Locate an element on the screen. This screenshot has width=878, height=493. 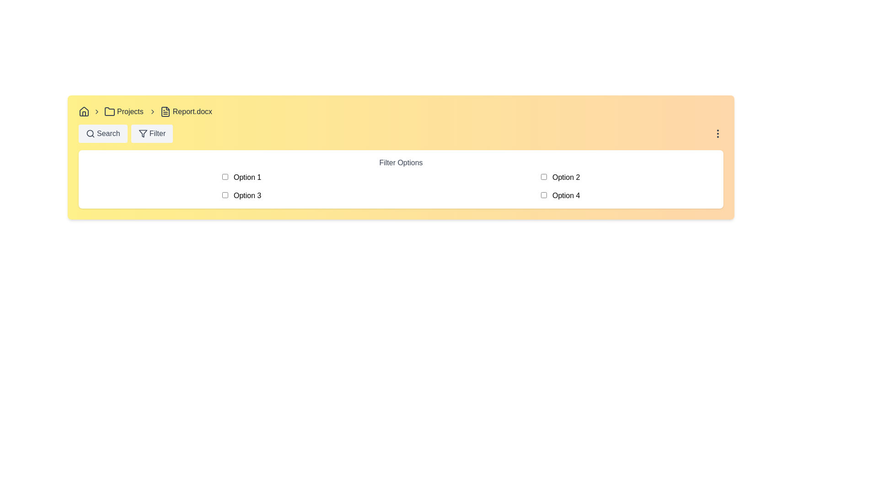
the checkbox element located to the left of the text 'Option 1' is located at coordinates (225, 177).